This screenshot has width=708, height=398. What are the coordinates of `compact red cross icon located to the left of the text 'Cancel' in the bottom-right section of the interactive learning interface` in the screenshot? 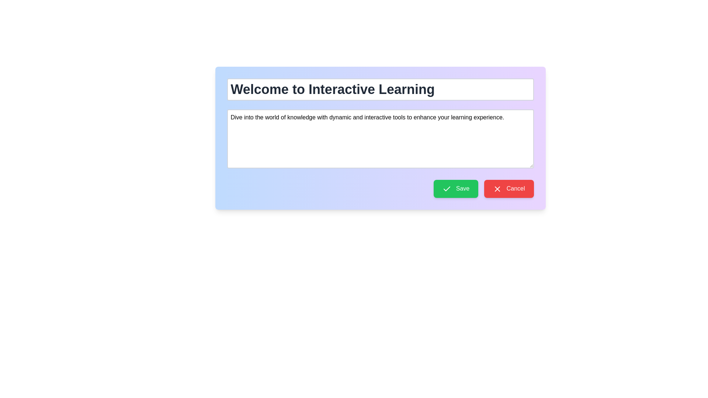 It's located at (497, 188).